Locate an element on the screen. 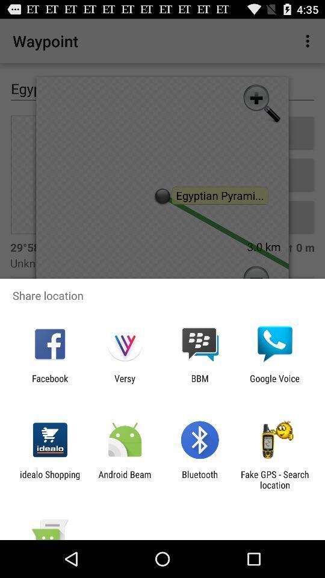 This screenshot has width=325, height=578. the versy item is located at coordinates (124, 383).